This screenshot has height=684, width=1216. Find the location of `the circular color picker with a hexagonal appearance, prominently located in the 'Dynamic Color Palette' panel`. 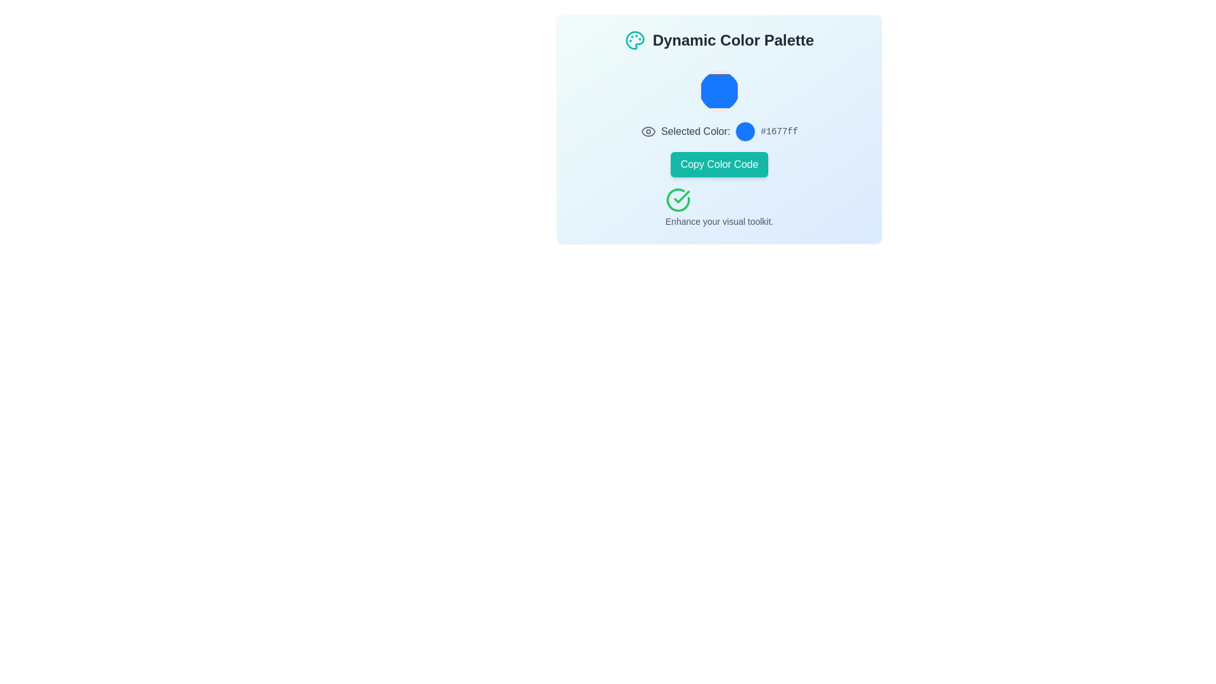

the circular color picker with a hexagonal appearance, prominently located in the 'Dynamic Color Palette' panel is located at coordinates (719, 90).